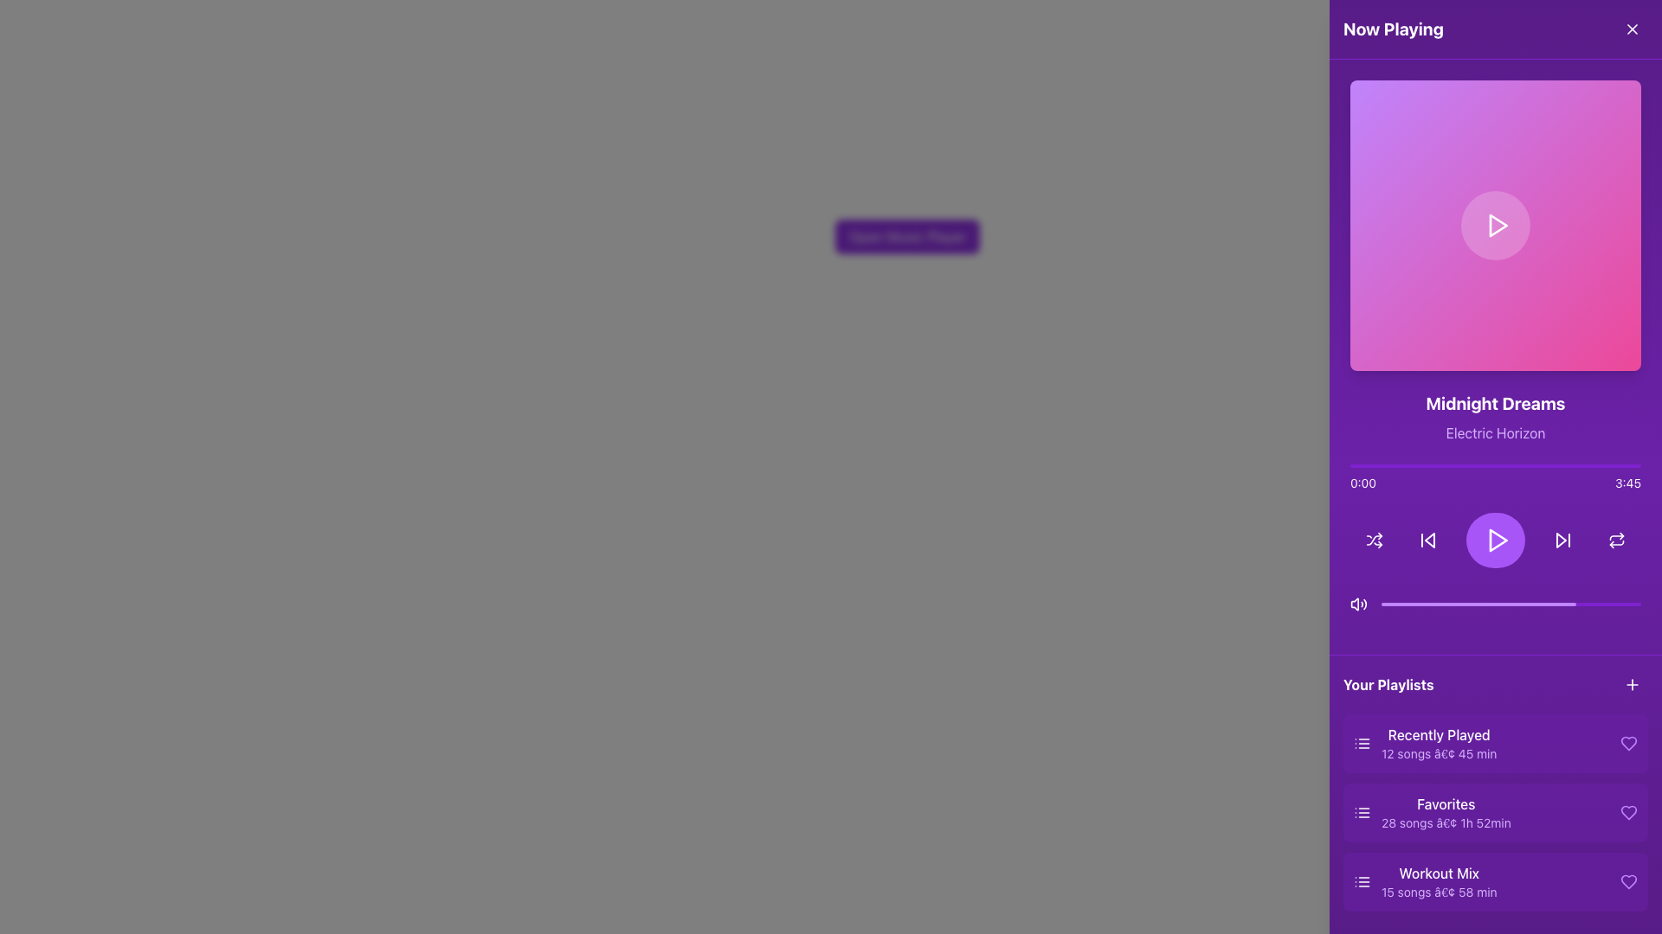 The image size is (1662, 934). Describe the element at coordinates (1446, 822) in the screenshot. I see `the Text Label displaying '28 songs • 1h 52min' located below the 'Favorites' text in the 'Your Playlists' section of the right panel` at that location.